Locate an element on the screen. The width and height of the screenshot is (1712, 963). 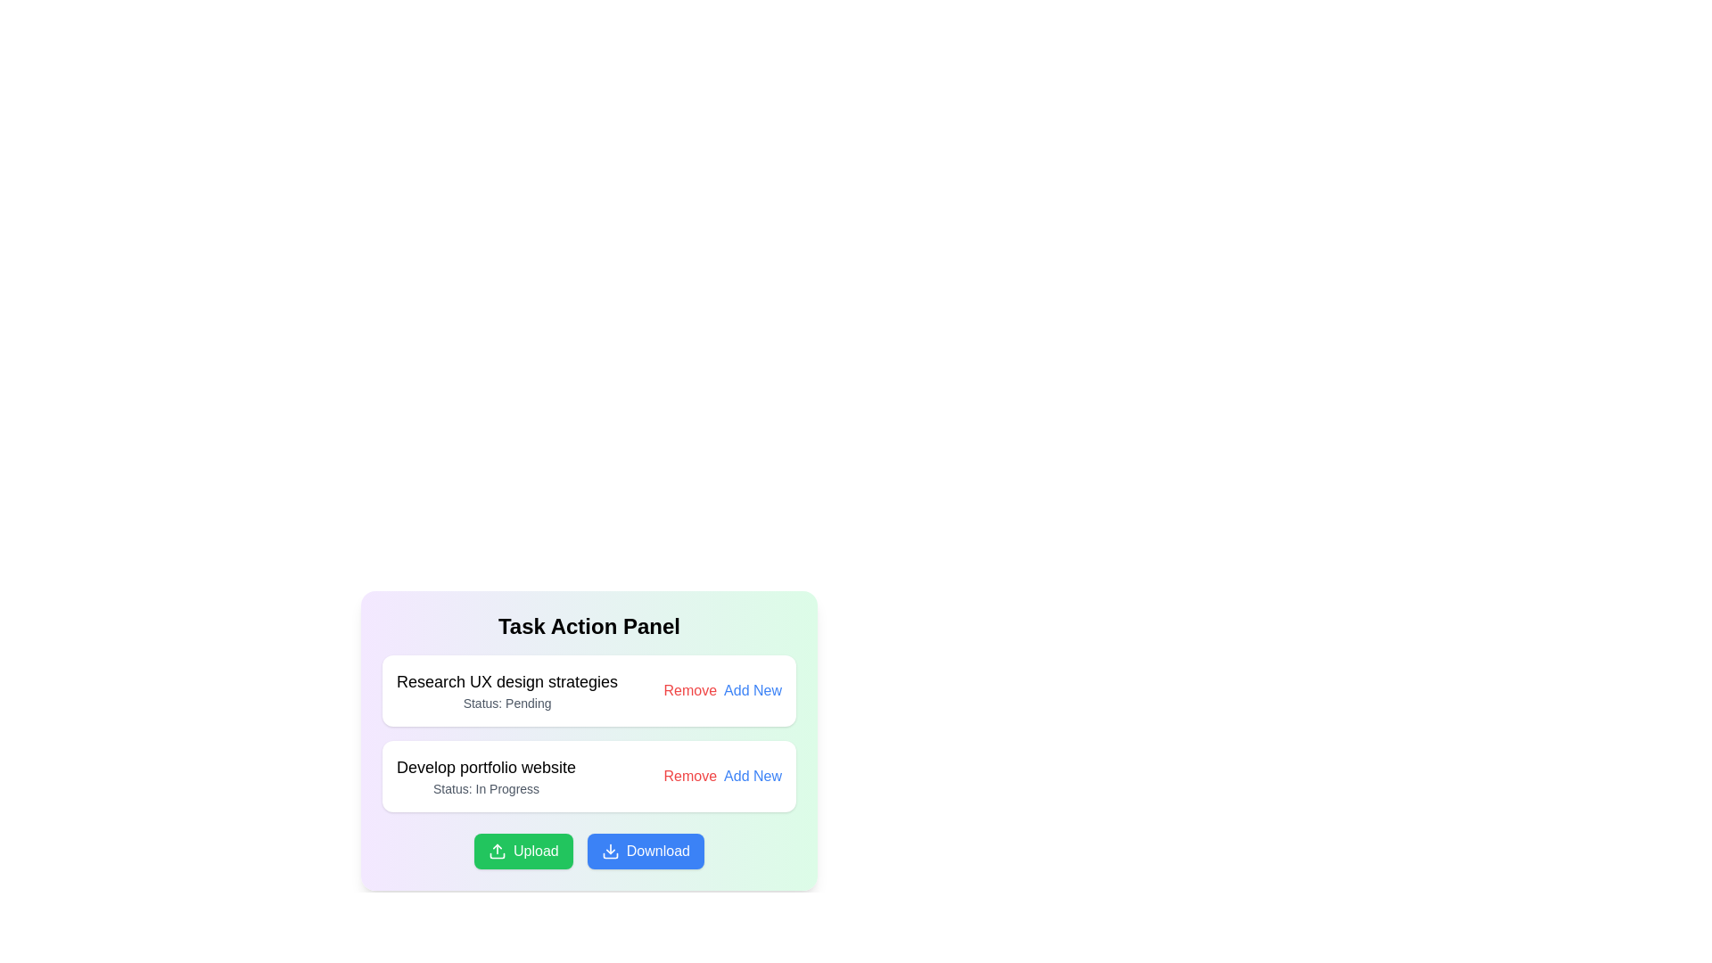
the text label displaying 'Status: Pending', which is located below the header 'Research UX design strategies' in the Task Action Panel is located at coordinates (506, 703).